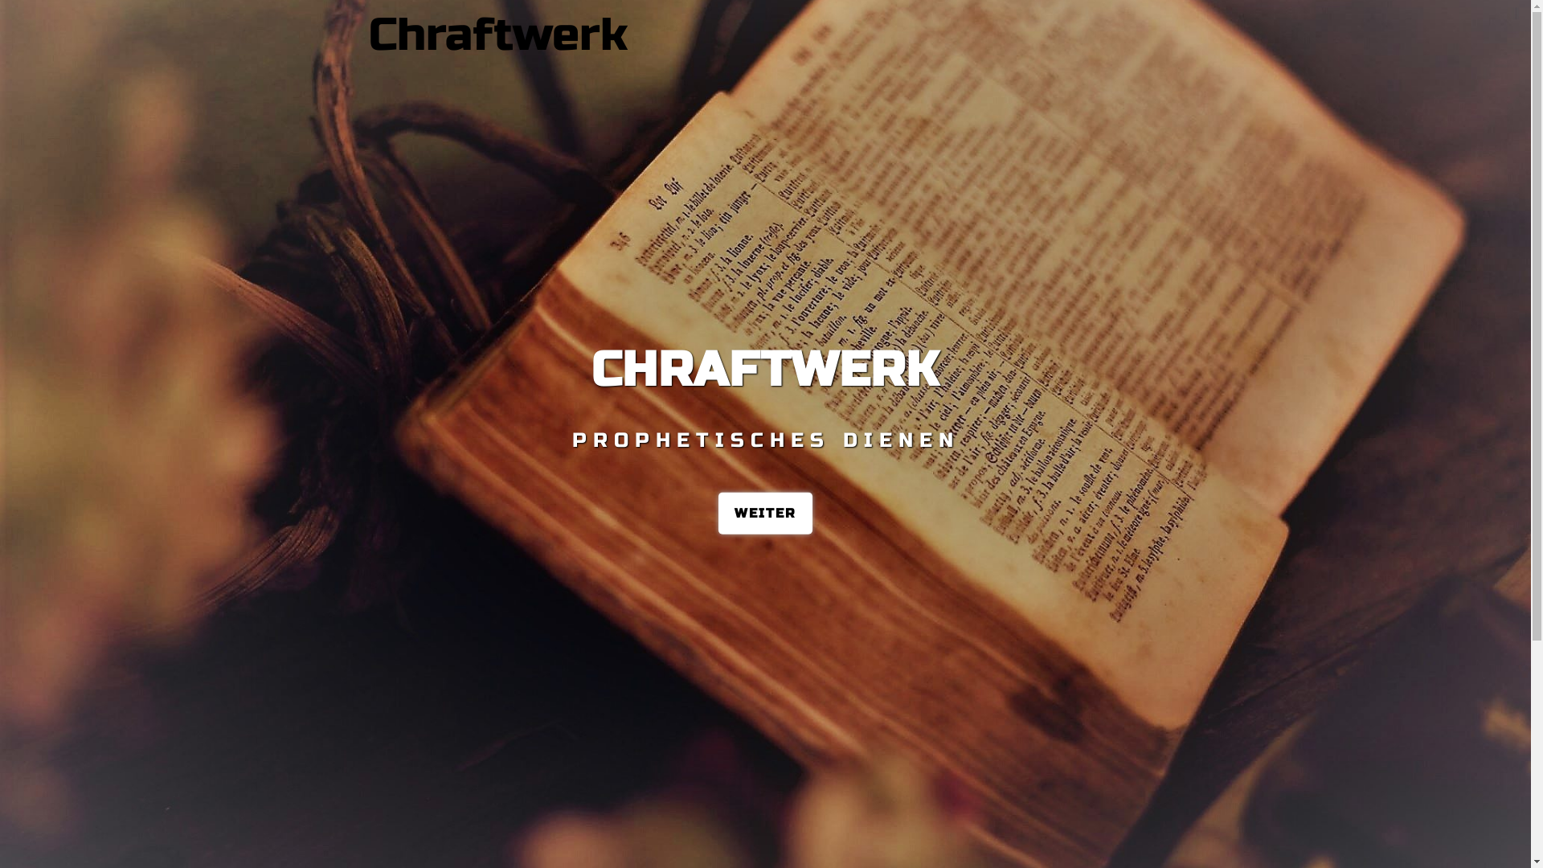 This screenshot has width=1543, height=868. What do you see at coordinates (497, 35) in the screenshot?
I see `'Chraftwerk'` at bounding box center [497, 35].